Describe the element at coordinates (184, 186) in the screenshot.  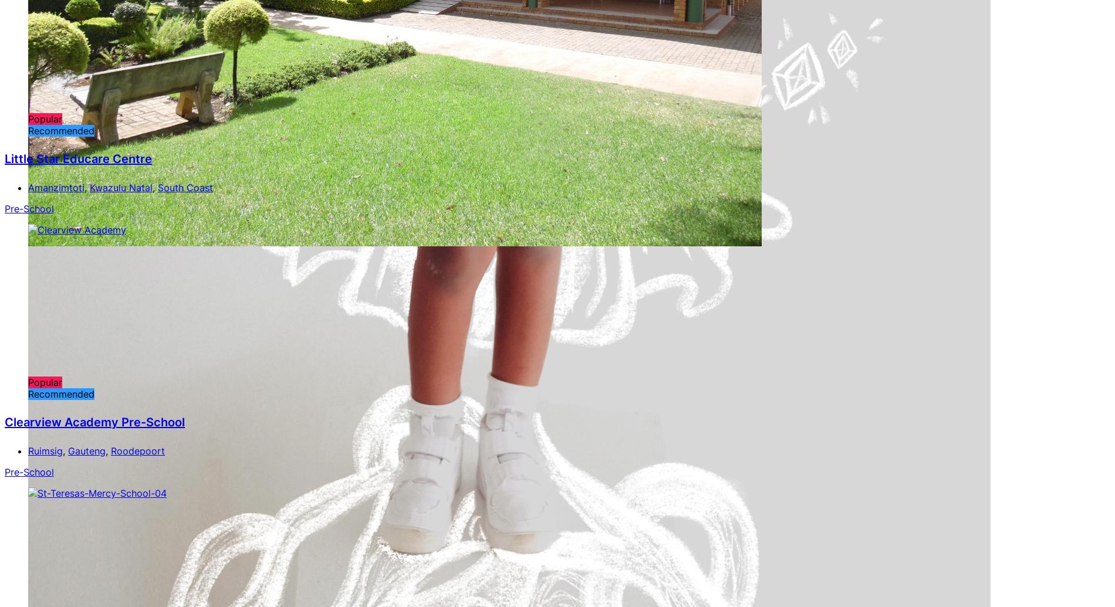
I see `'South Coast'` at that location.